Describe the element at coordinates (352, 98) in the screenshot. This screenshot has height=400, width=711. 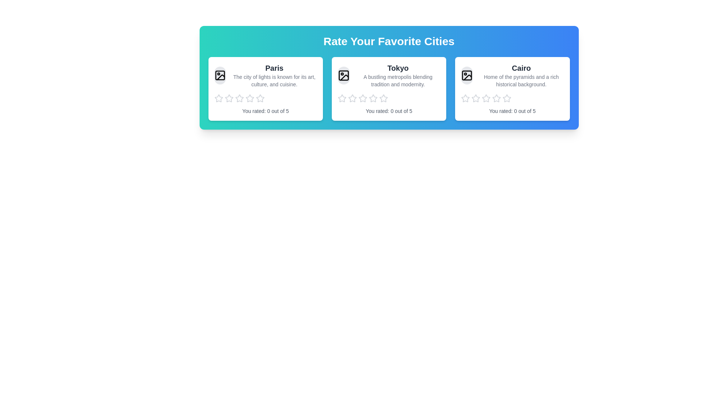
I see `the first star in the horizontal sequence of rating stars below the 'Tokyo' card` at that location.